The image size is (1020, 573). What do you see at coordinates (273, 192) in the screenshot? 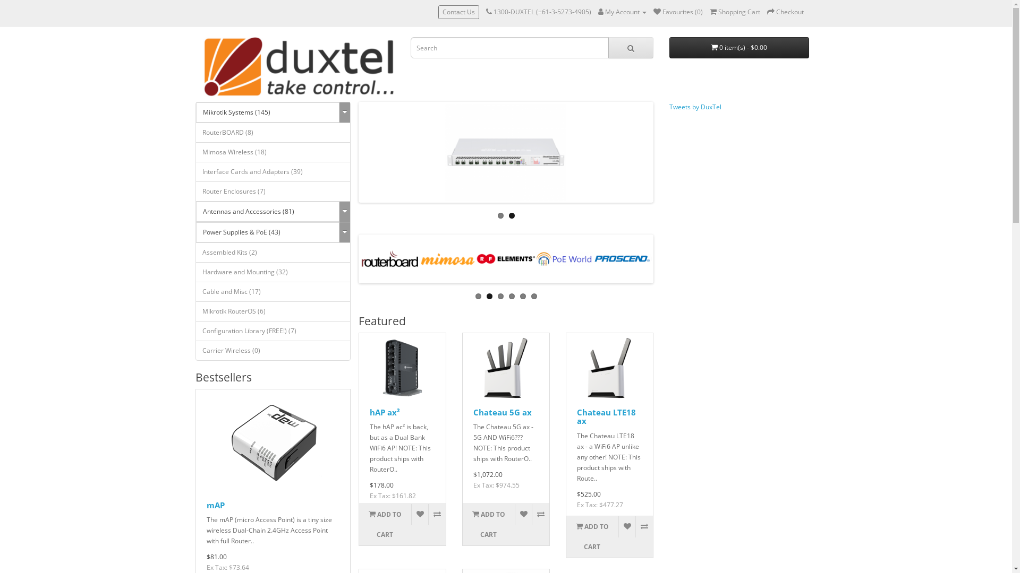
I see `'Router Enclosures (7)'` at bounding box center [273, 192].